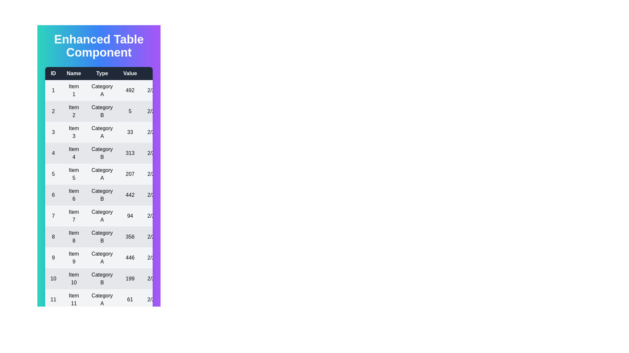 This screenshot has width=629, height=353. Describe the element at coordinates (102, 73) in the screenshot. I see `the header of the column to sort by Type` at that location.